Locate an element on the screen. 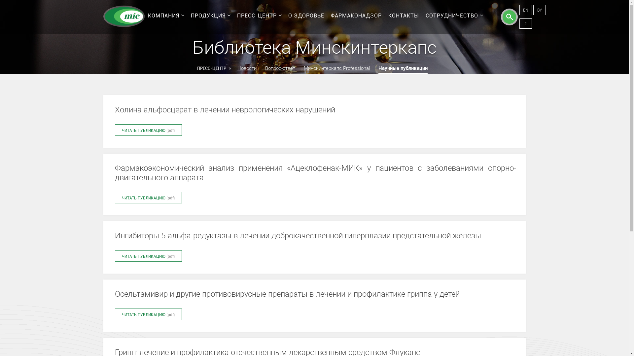 This screenshot has width=634, height=356. 'BY' is located at coordinates (539, 10).